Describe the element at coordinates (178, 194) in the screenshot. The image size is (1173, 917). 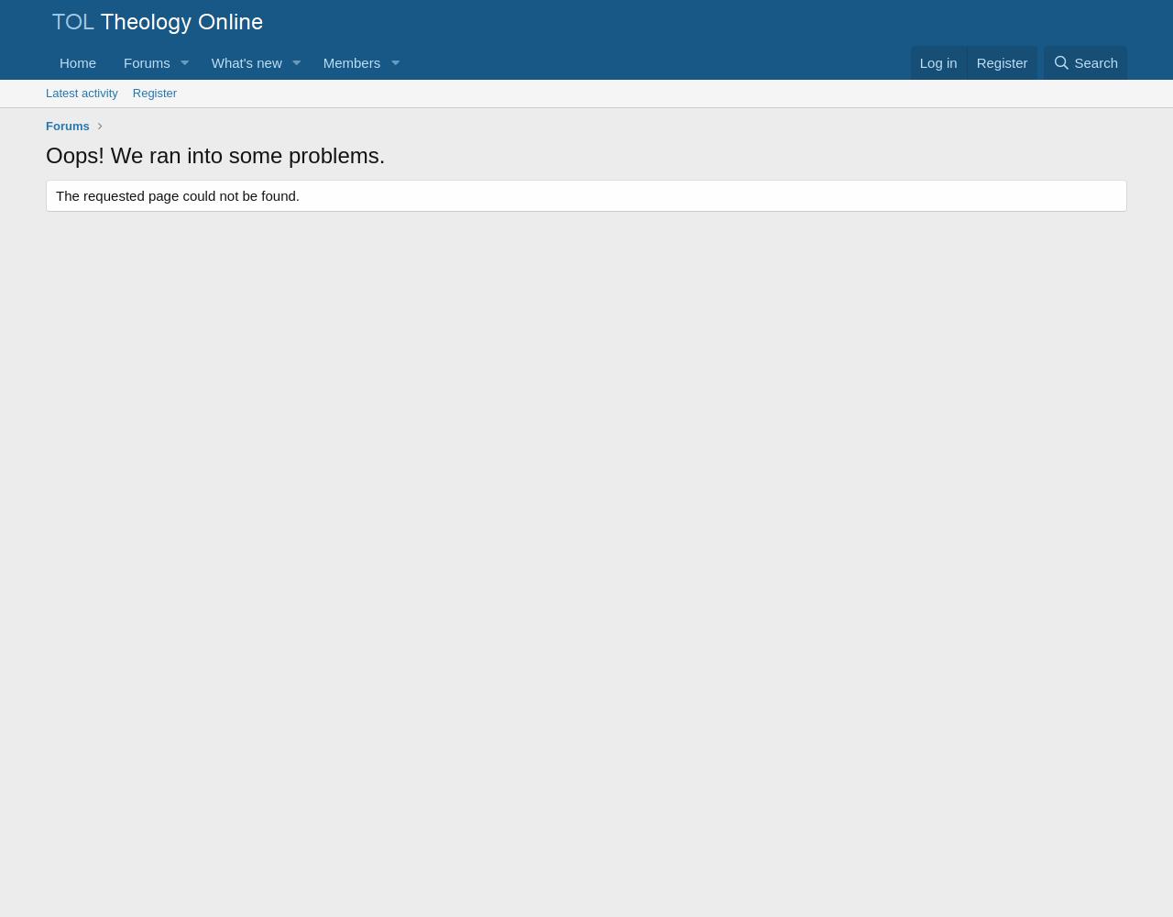
I see `'The requested page could not be found.'` at that location.